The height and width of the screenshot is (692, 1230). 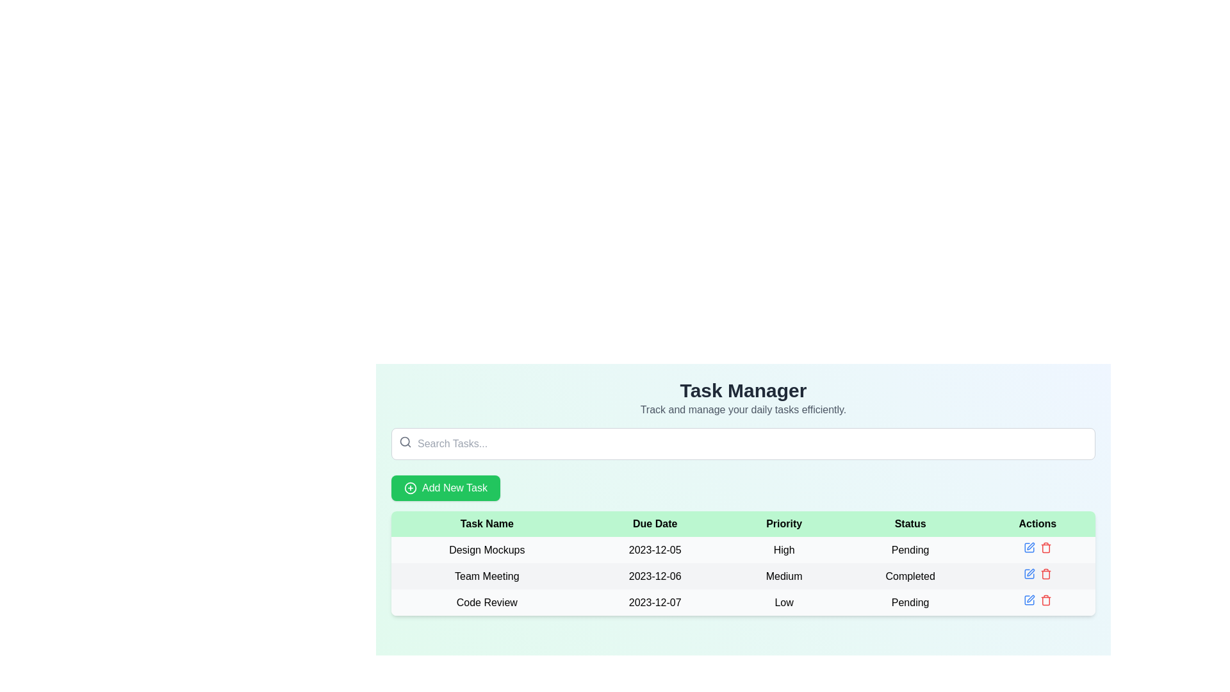 What do you see at coordinates (743, 549) in the screenshot?
I see `the table row containing the task 'Design Mockups'` at bounding box center [743, 549].